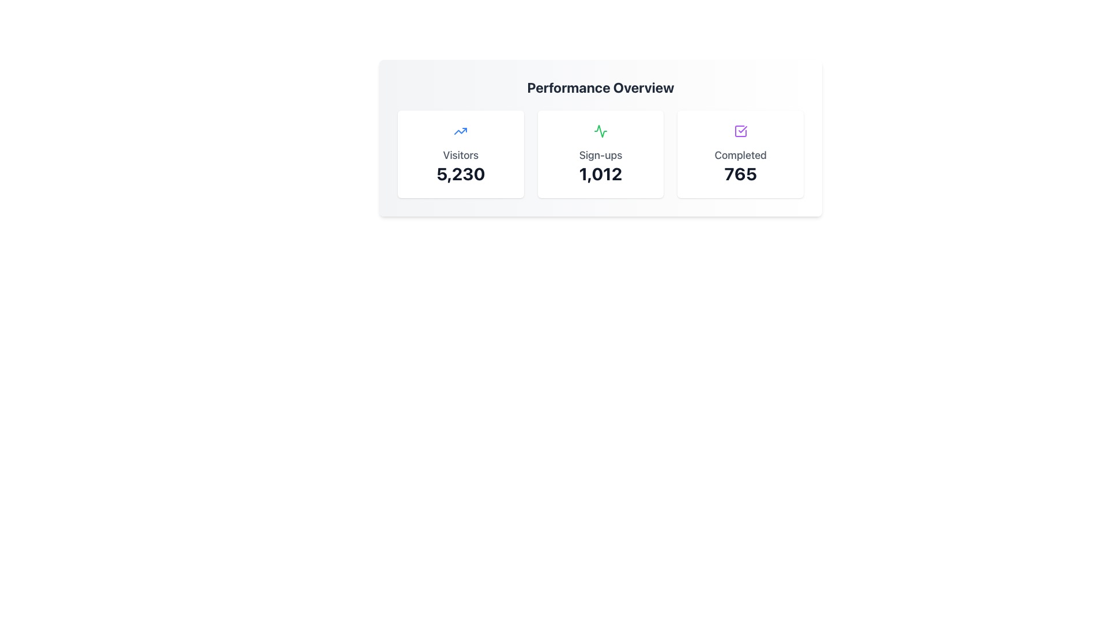  I want to click on the 'Sign-ups' text label, which is styled with a medium-gray font and positioned above the numeric value '1,012' in the central panel of the 'Performance Overview' section, so click(600, 155).